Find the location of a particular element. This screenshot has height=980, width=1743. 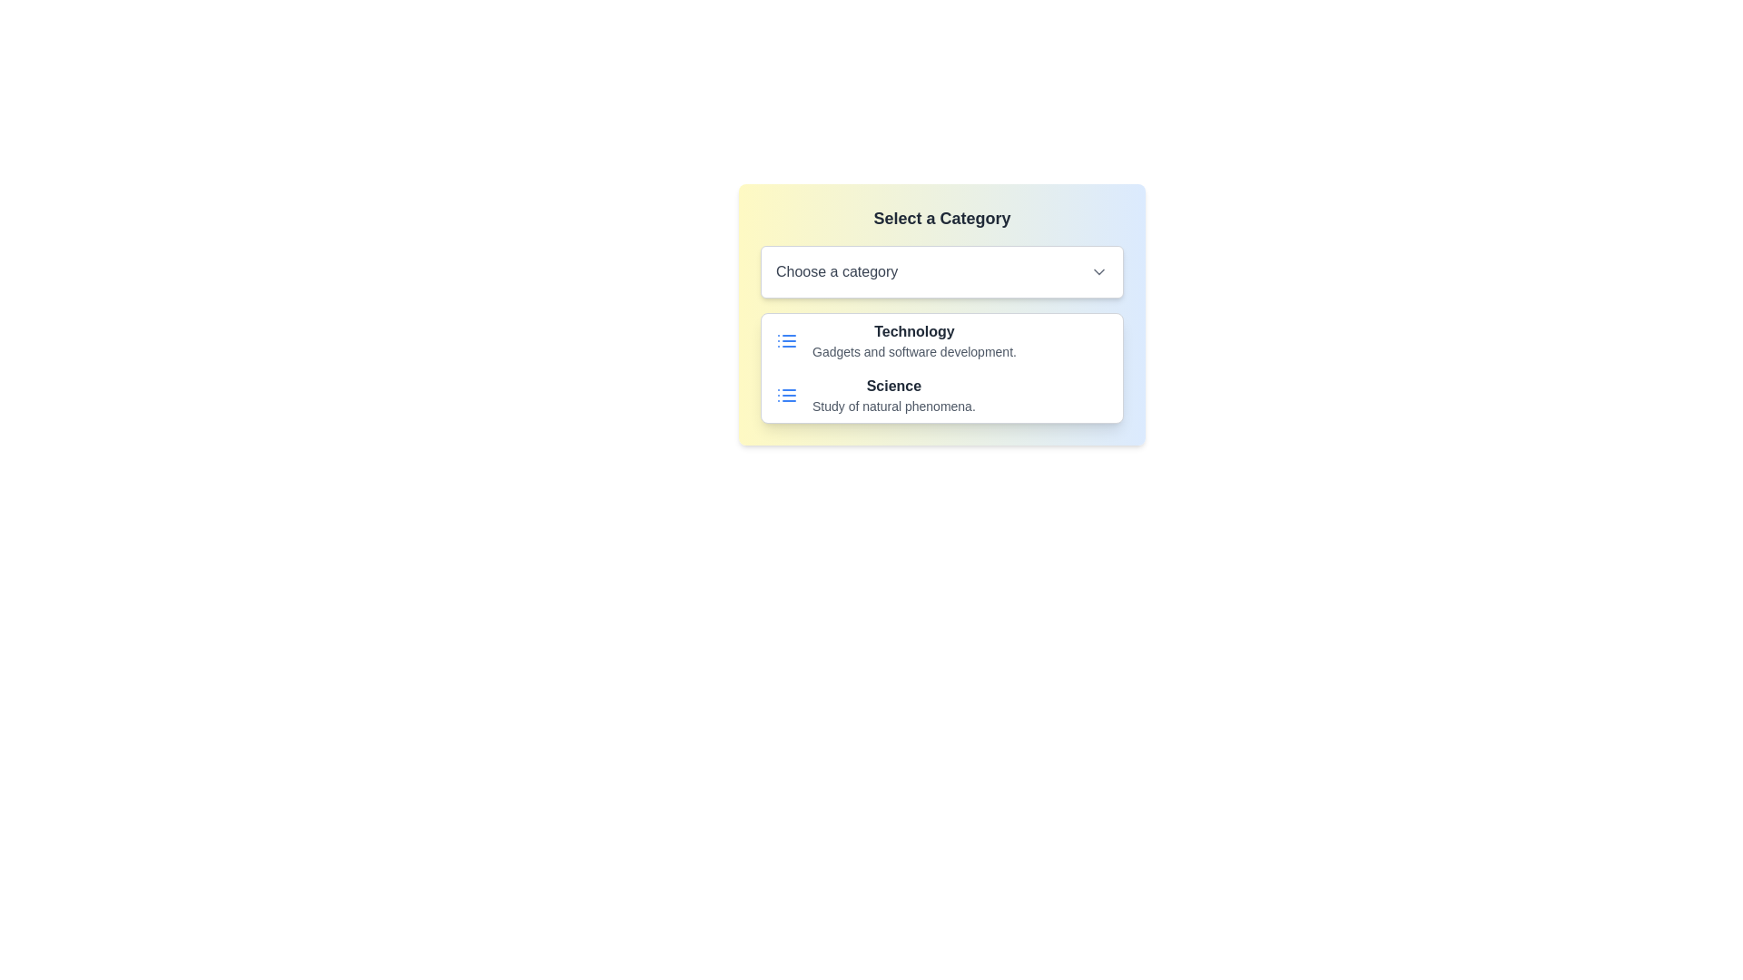

the blue rectangular icon resembling a list with three horizontal lines and dots, located to the left of the 'Science' title in the dropdown menu is located at coordinates (787, 394).